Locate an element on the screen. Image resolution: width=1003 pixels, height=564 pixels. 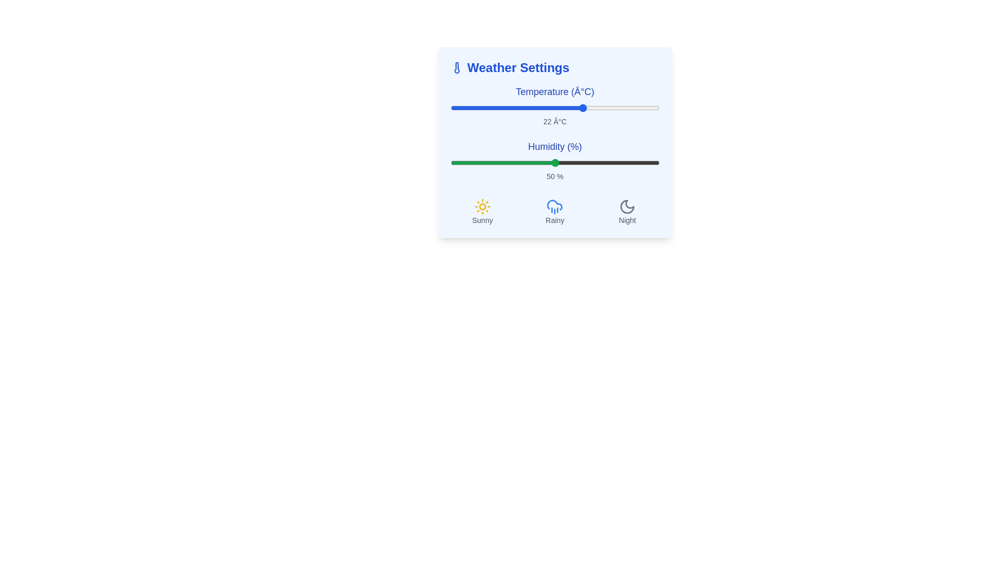
the 'rainy' weather condition icon located in the middle lower section of the card beneath the 'Weather Settings' heading is located at coordinates (554, 207).